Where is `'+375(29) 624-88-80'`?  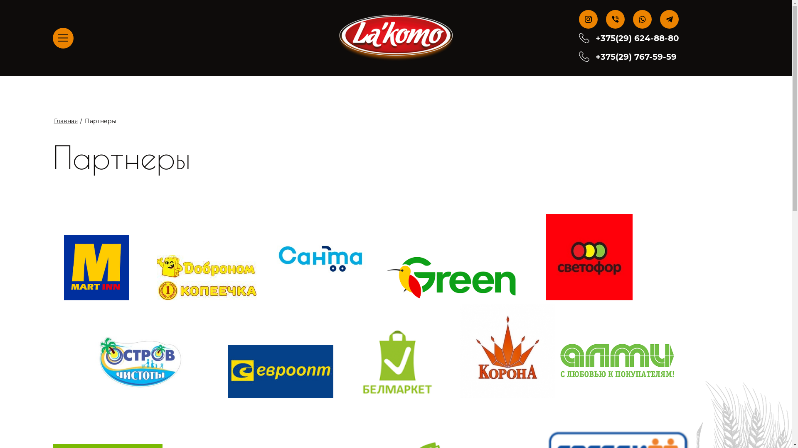
'+375(29) 624-88-80' is located at coordinates (637, 38).